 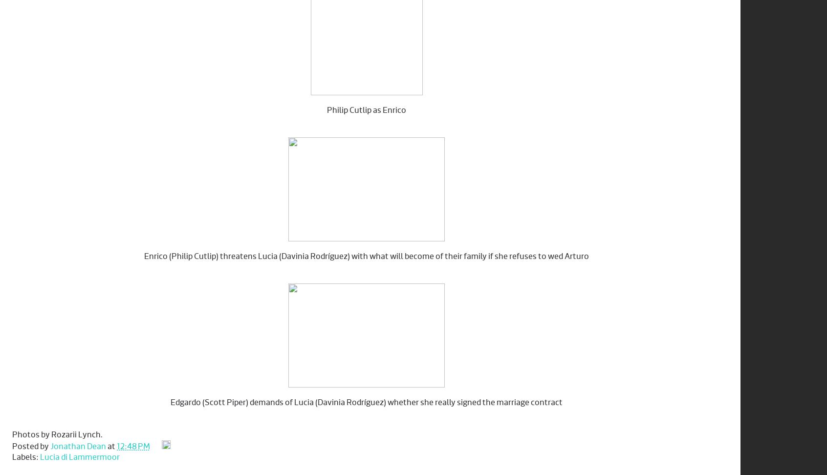 I want to click on 'Jonathan Dean', so click(x=50, y=446).